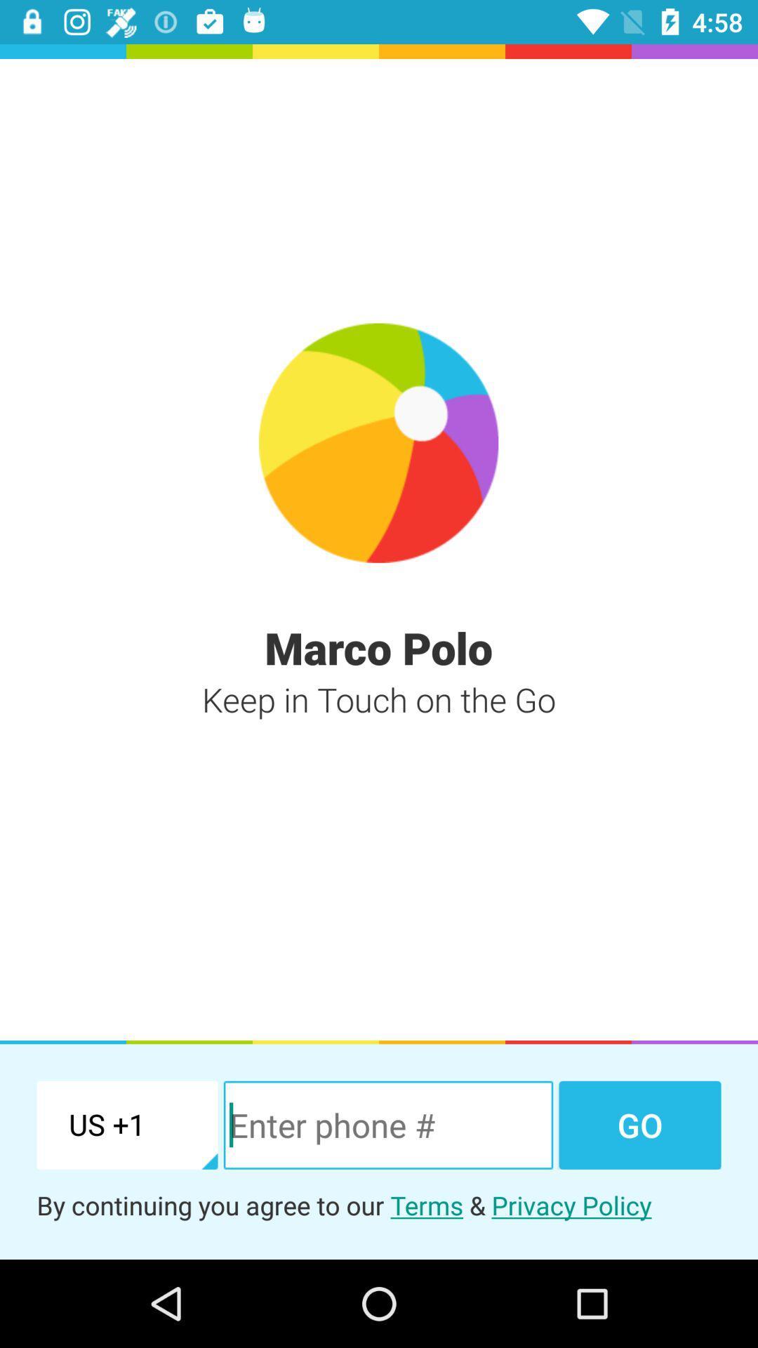  I want to click on the by continuing you icon, so click(379, 1204).